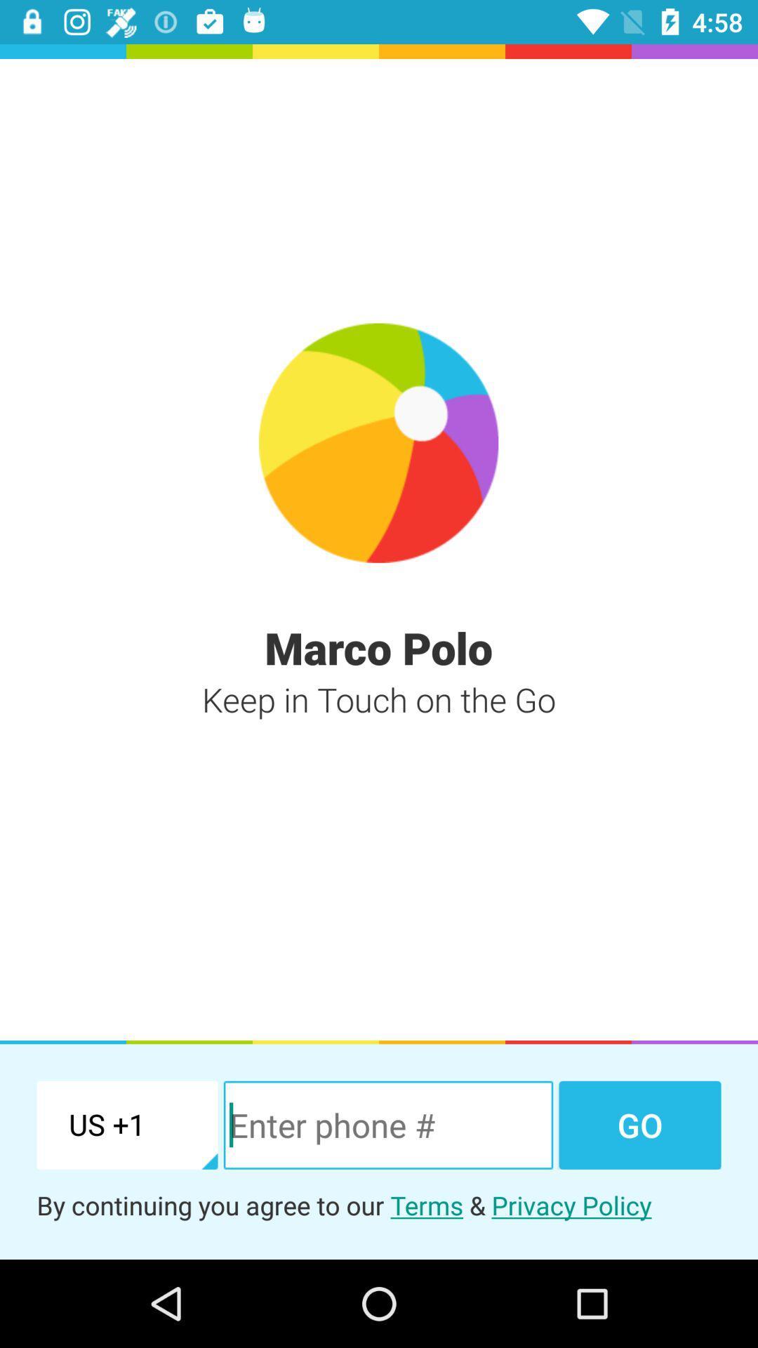  I want to click on the by continuing you icon, so click(379, 1204).